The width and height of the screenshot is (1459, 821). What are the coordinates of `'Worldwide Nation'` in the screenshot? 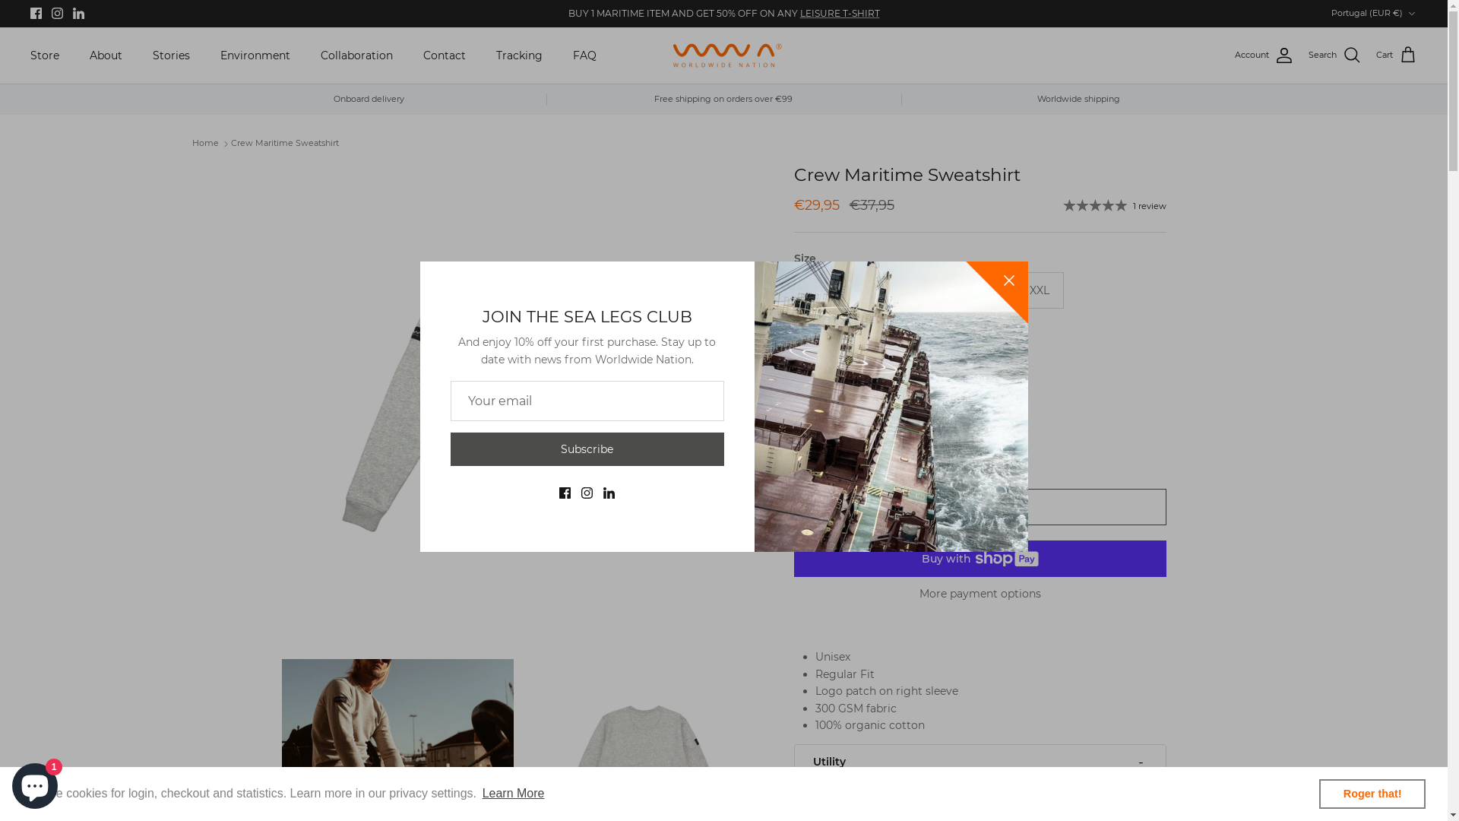 It's located at (723, 55).